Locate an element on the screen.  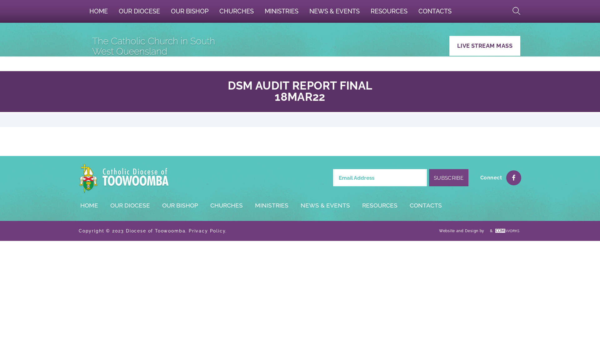
'OUR BISHOP' is located at coordinates (165, 11).